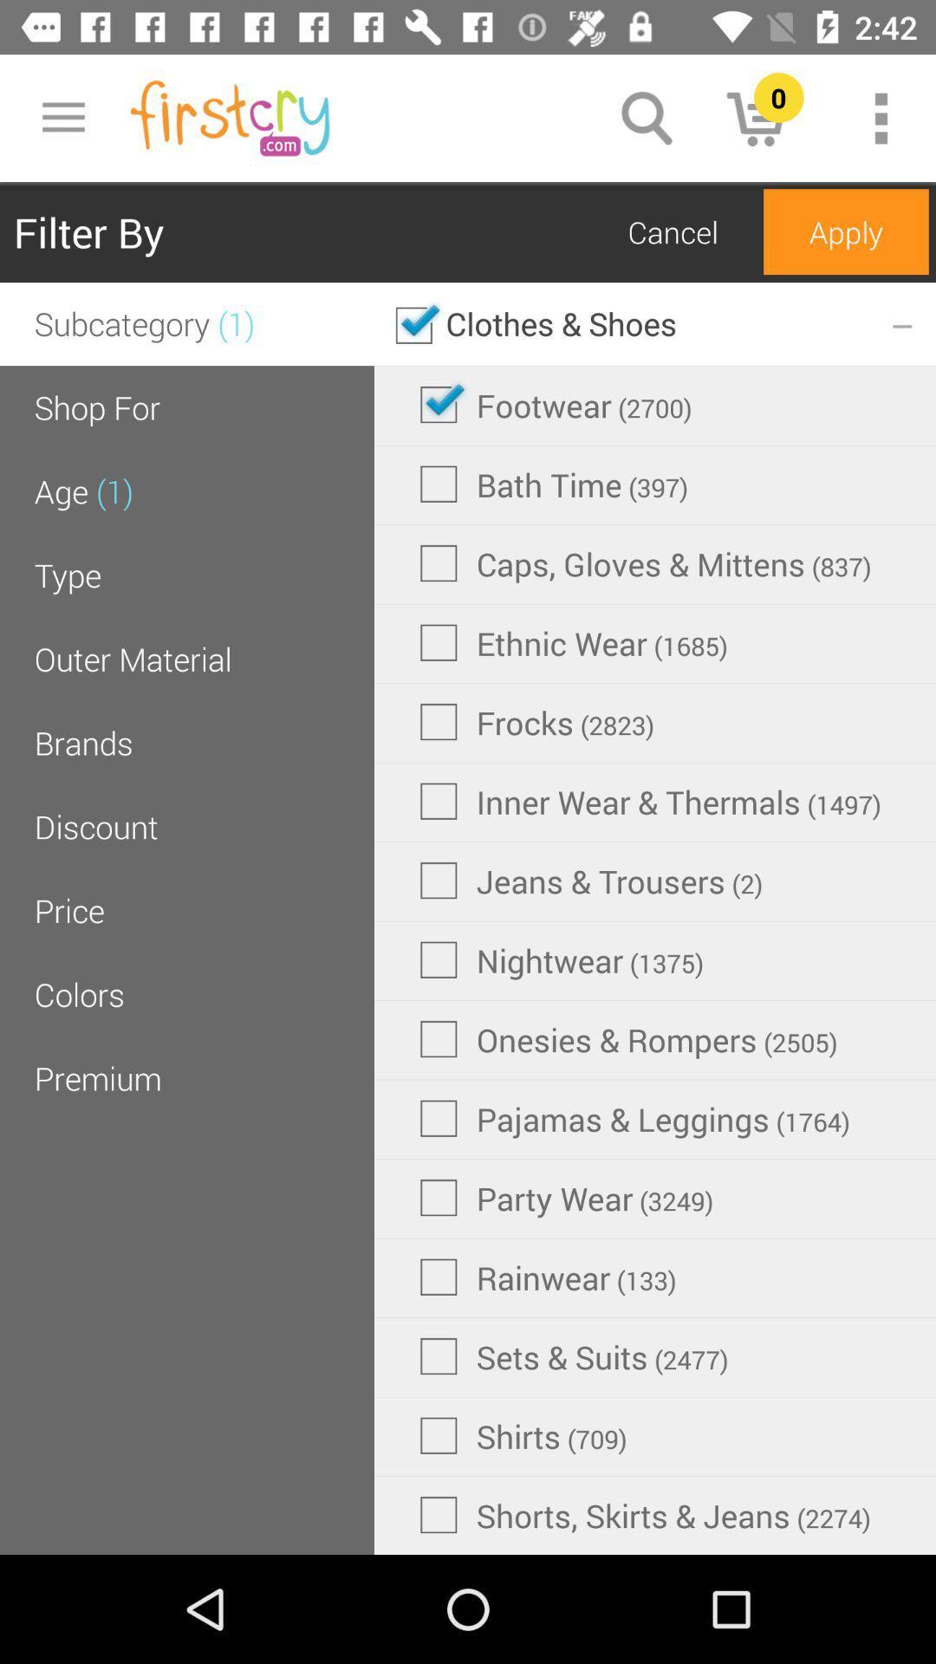 This screenshot has height=1664, width=936. I want to click on icon below bath time (397), so click(646, 563).